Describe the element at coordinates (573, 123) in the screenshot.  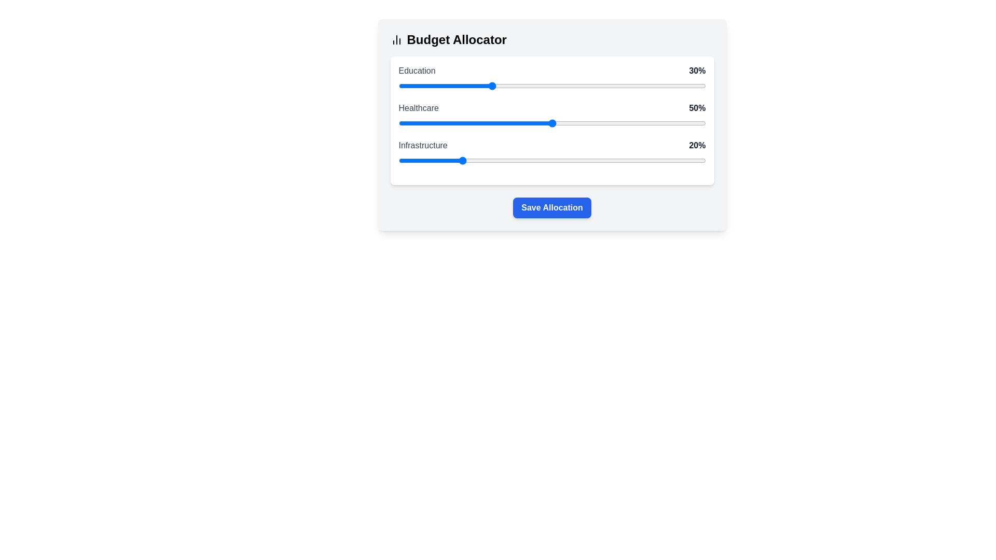
I see `the healthcare allocation slider` at that location.